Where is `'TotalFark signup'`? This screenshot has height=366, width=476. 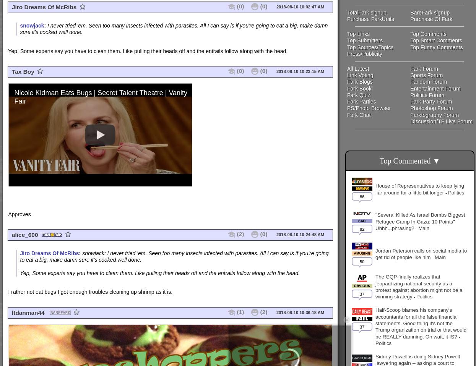
'TotalFark signup' is located at coordinates (366, 11).